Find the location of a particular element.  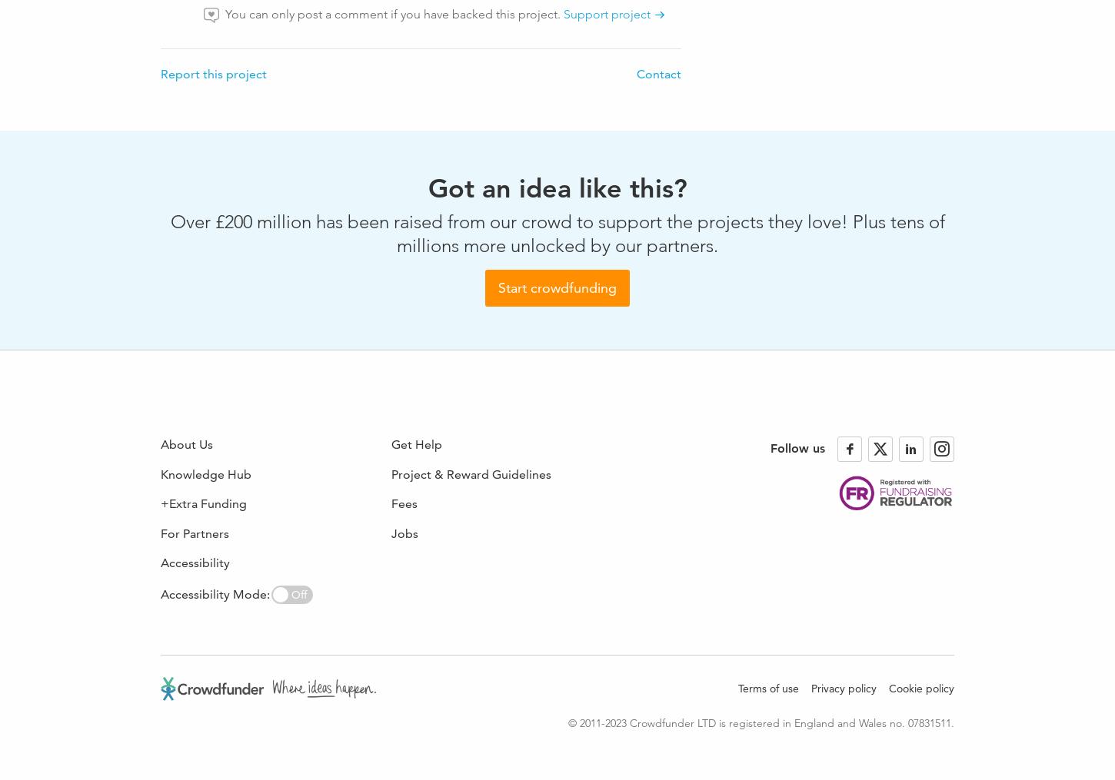

'© 2011-2023 Crowdfunder LTD is registered in England and Wales no. 07831511.' is located at coordinates (761, 721).